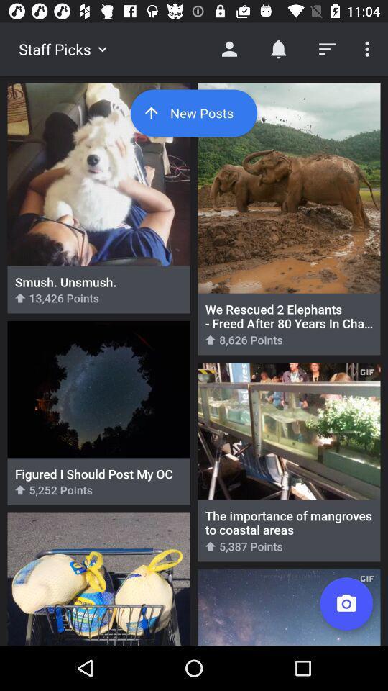  Describe the element at coordinates (346, 604) in the screenshot. I see `the photo icon` at that location.